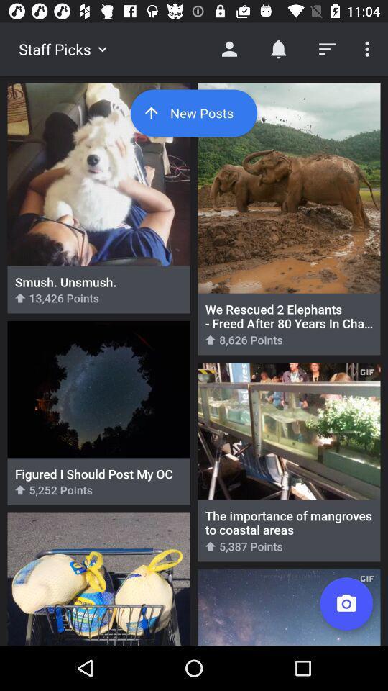  Describe the element at coordinates (346, 604) in the screenshot. I see `the photo icon` at that location.